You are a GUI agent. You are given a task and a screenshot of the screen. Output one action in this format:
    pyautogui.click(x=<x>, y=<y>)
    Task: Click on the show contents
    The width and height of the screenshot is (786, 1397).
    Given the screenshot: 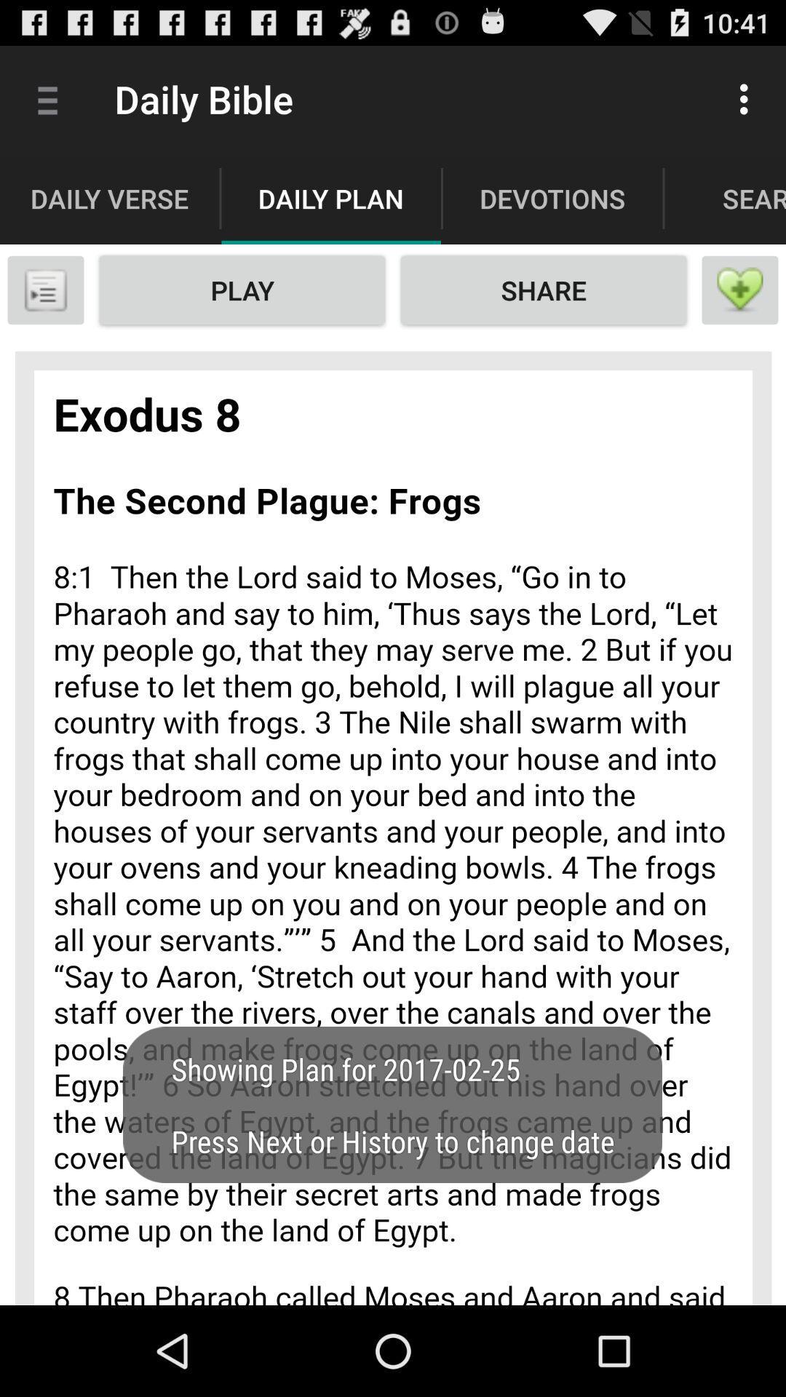 What is the action you would take?
    pyautogui.click(x=44, y=290)
    